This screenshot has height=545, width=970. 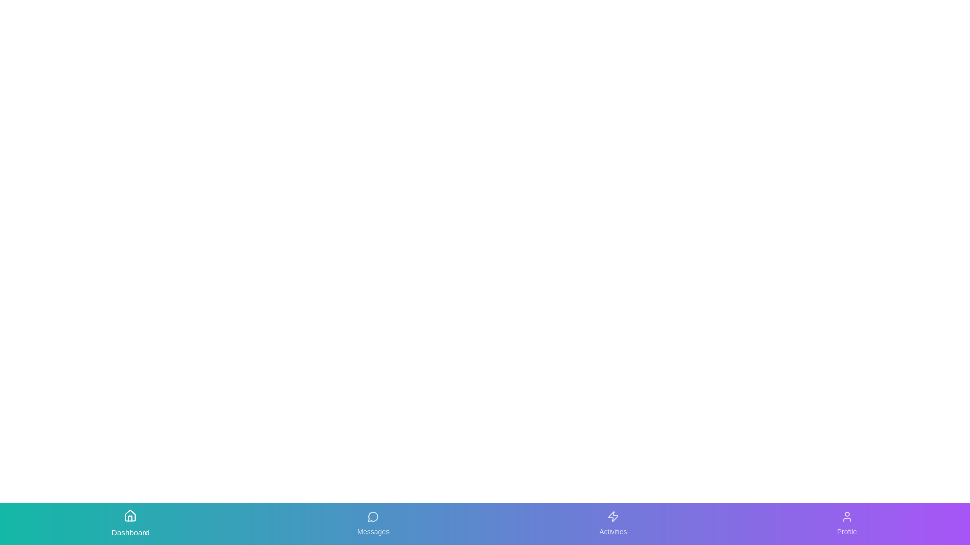 What do you see at coordinates (373, 523) in the screenshot?
I see `the Messages tab in the navigation bar` at bounding box center [373, 523].